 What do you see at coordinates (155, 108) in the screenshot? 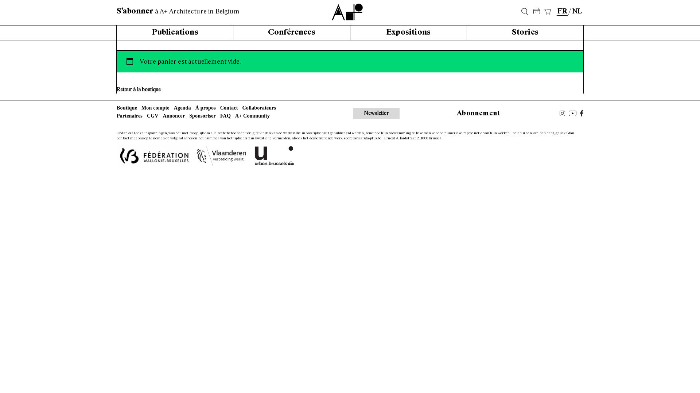
I see `'Mon compte'` at bounding box center [155, 108].